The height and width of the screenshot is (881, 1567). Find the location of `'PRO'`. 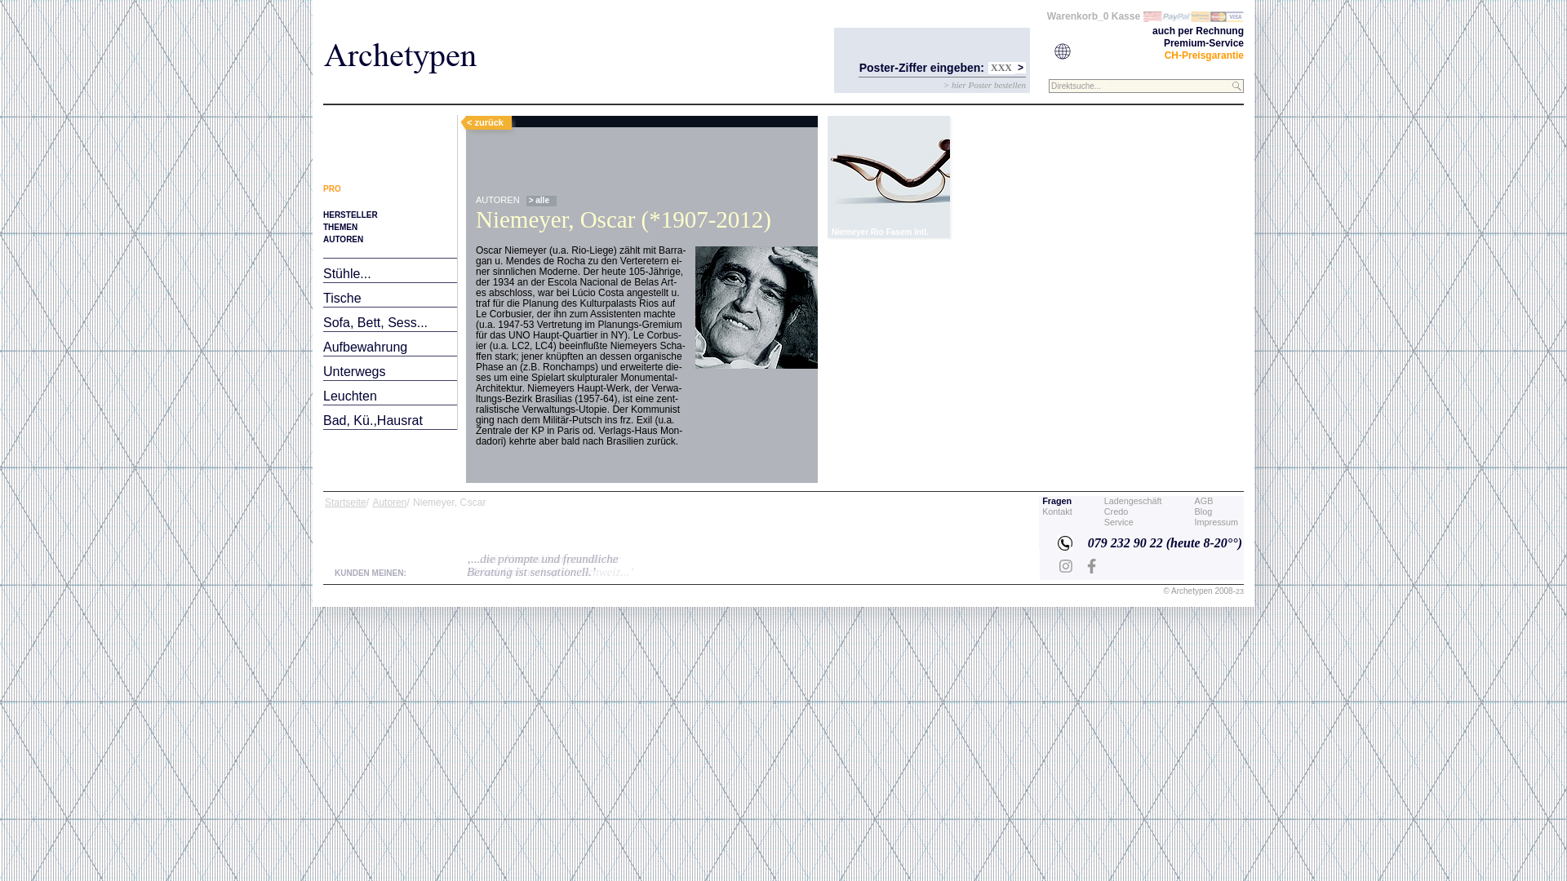

'PRO' is located at coordinates (331, 188).